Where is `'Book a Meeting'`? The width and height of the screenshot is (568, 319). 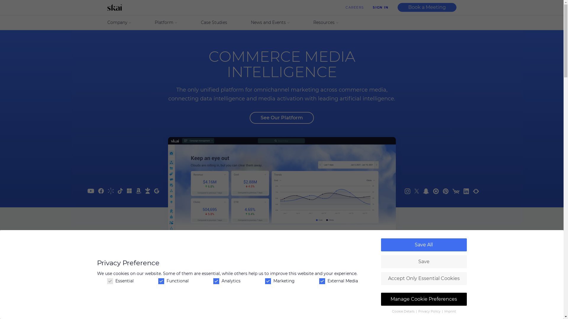 'Book a Meeting' is located at coordinates (398, 7).